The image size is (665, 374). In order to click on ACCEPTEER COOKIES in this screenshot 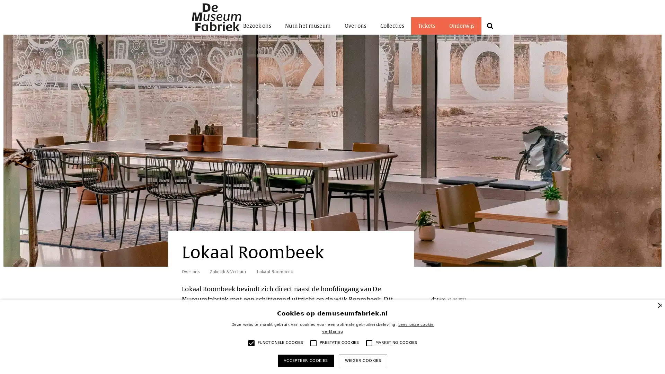, I will do `click(305, 360)`.